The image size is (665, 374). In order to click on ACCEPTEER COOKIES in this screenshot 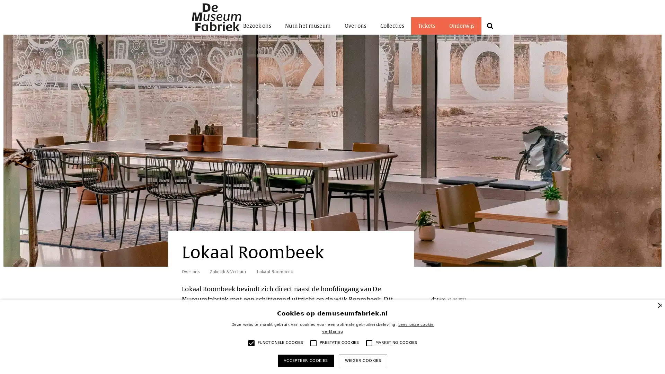, I will do `click(305, 360)`.